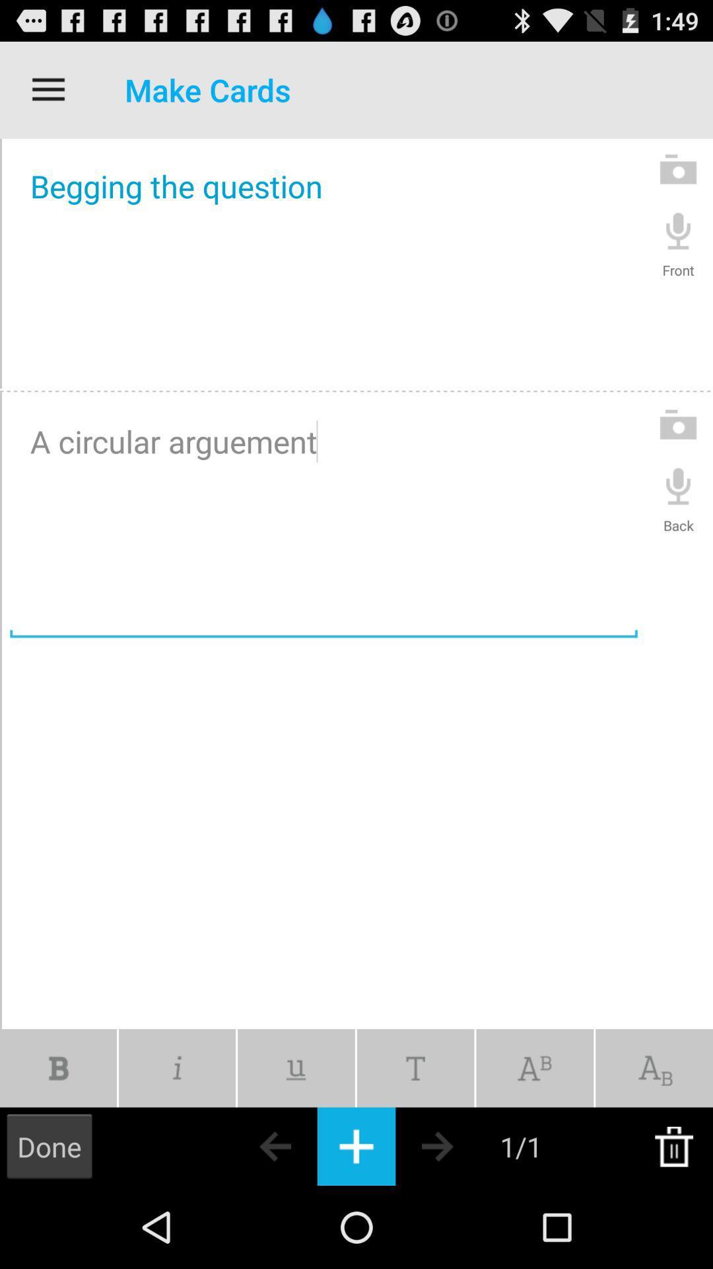 This screenshot has width=713, height=1269. I want to click on item below a circular arguement, so click(654, 1068).